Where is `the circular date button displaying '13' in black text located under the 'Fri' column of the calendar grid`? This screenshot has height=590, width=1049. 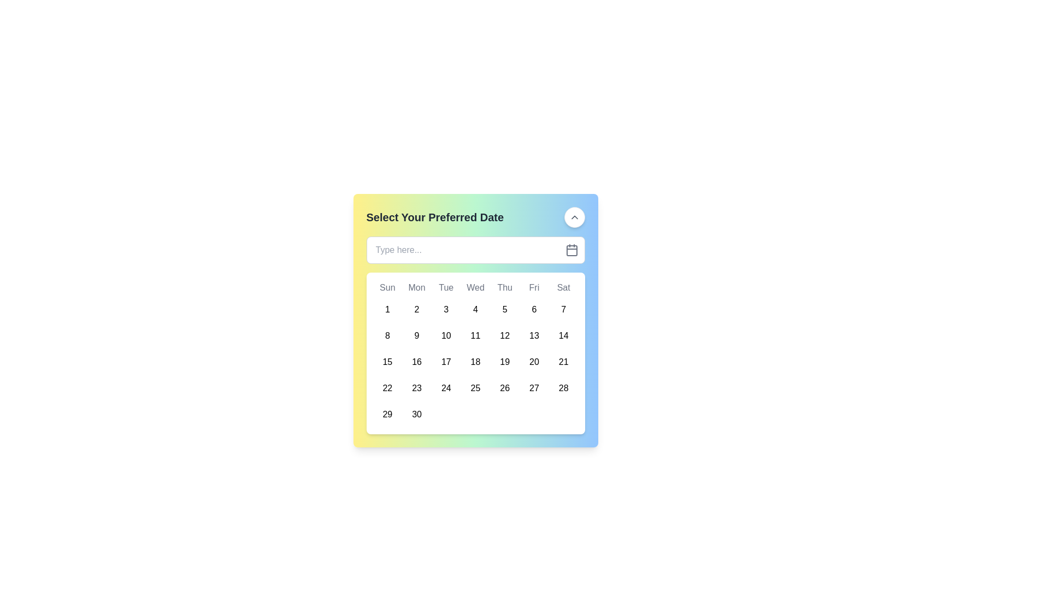
the circular date button displaying '13' in black text located under the 'Fri' column of the calendar grid is located at coordinates (534, 335).